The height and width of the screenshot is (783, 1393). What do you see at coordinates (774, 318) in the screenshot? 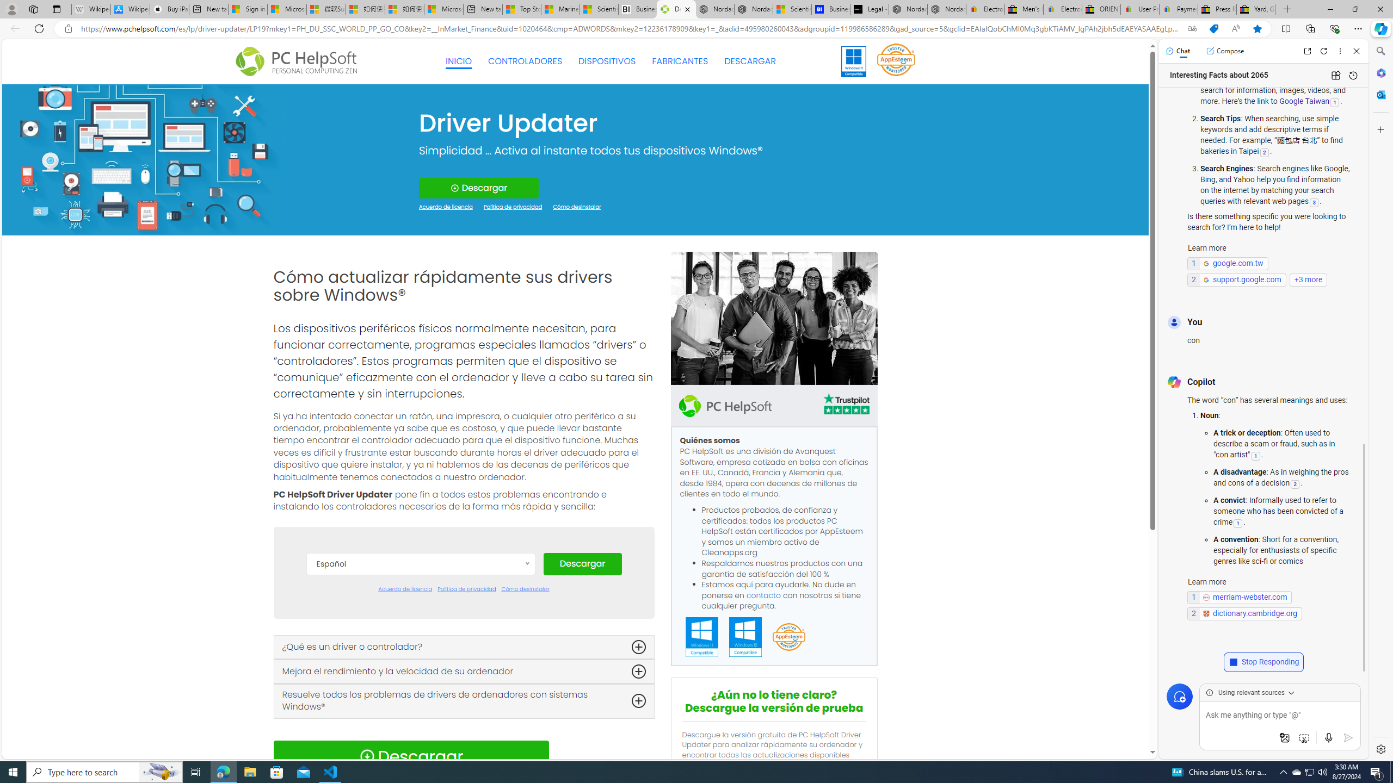
I see `'team'` at bounding box center [774, 318].